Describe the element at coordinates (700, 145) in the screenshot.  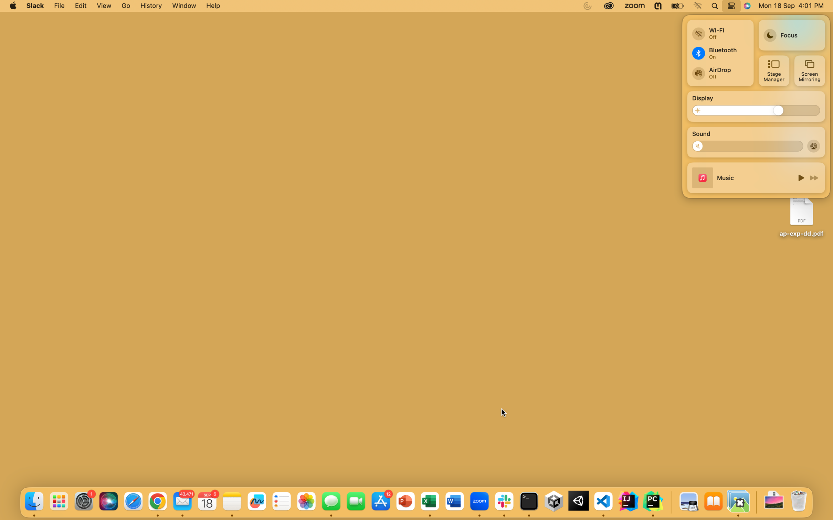
I see `Lower the system volume to zero` at that location.